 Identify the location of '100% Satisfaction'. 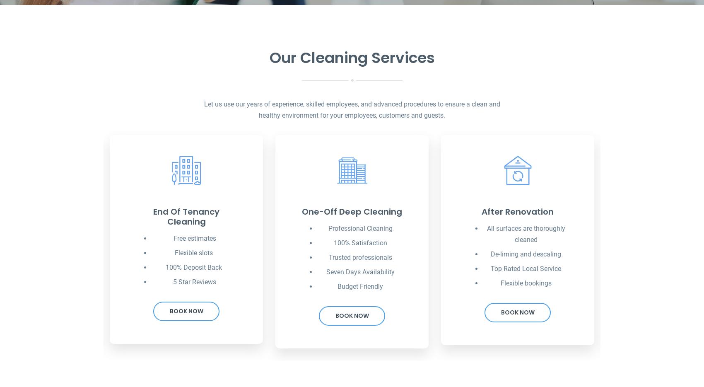
(360, 242).